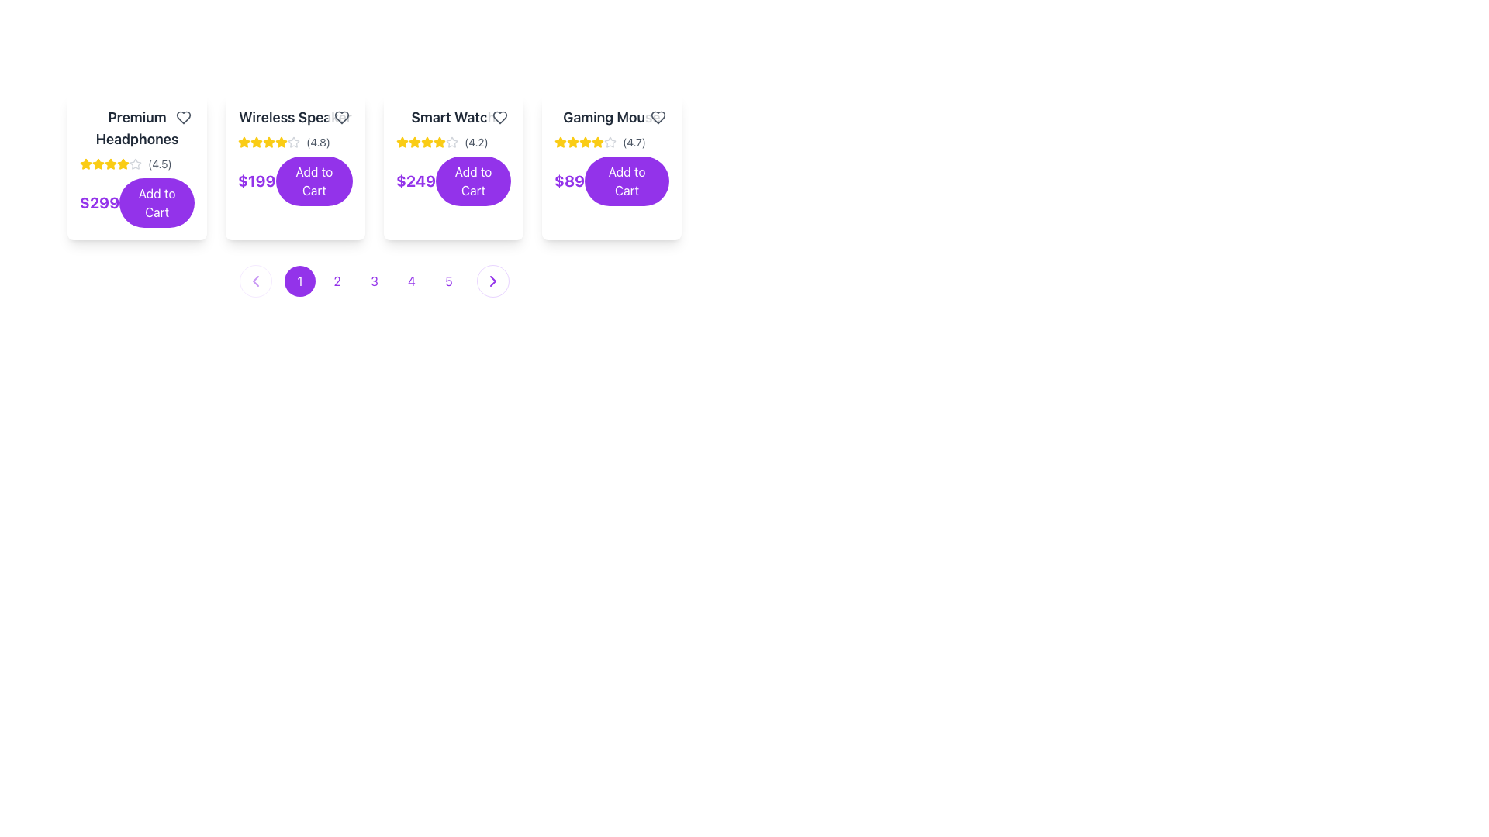  I want to click on the third filled yellow star icon in the rating section of the 'Smart Watch' product card, so click(414, 143).